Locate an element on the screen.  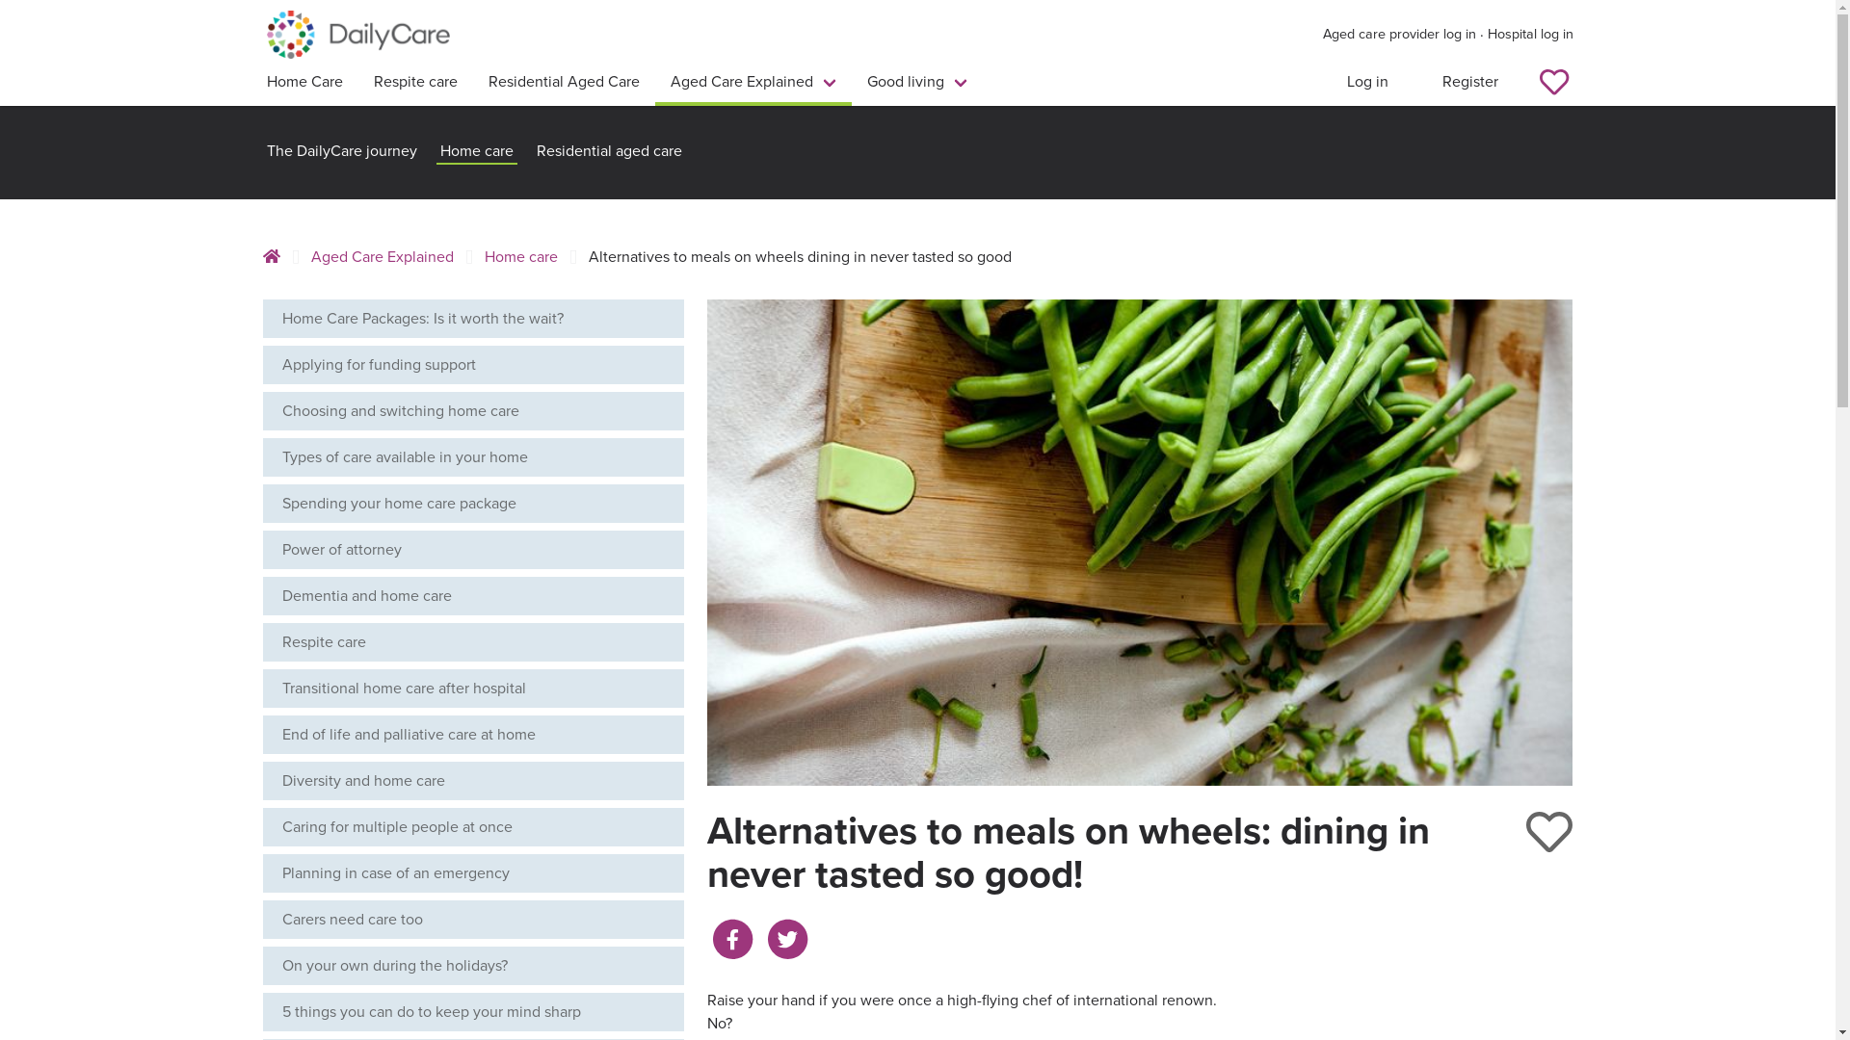
'Home Care' is located at coordinates (303, 83).